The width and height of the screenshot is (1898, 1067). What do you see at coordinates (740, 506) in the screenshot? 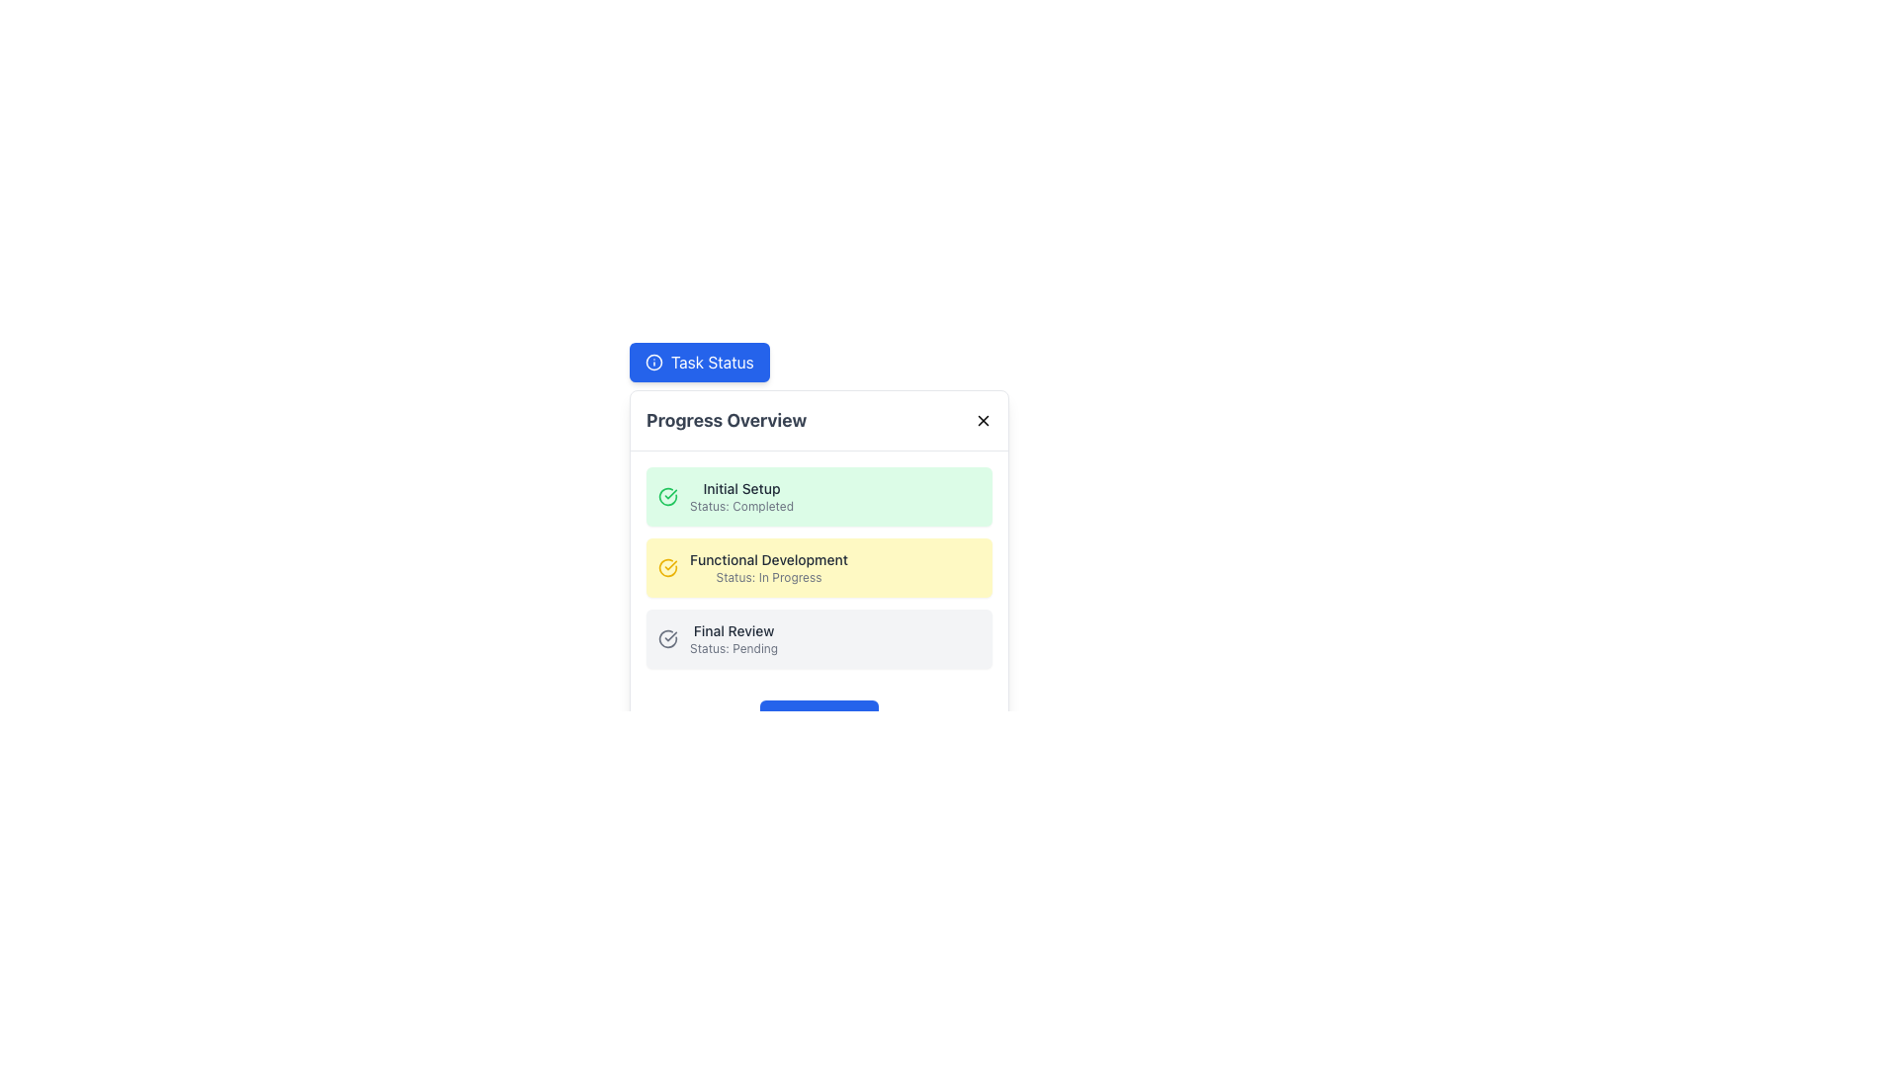
I see `informational text label that serves as a status indicator for the task completion, located directly below the 'Initial Setup' label within the green-tinted block` at bounding box center [740, 506].